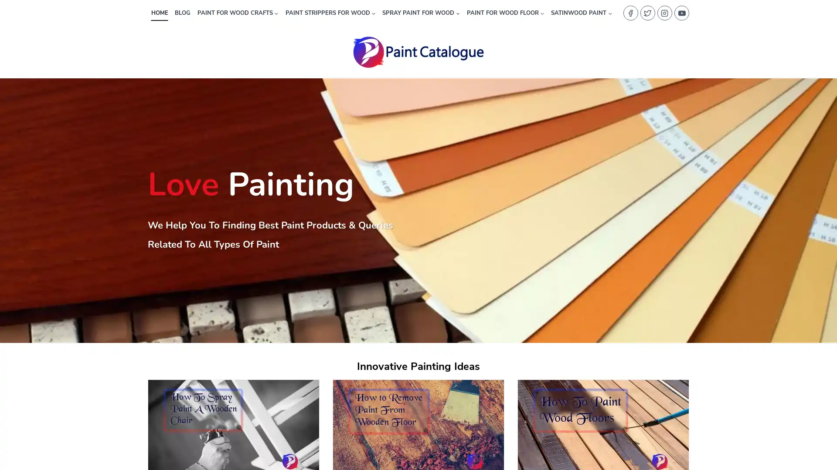 Image resolution: width=837 pixels, height=470 pixels. What do you see at coordinates (238, 13) in the screenshot?
I see `Expand child menu` at bounding box center [238, 13].